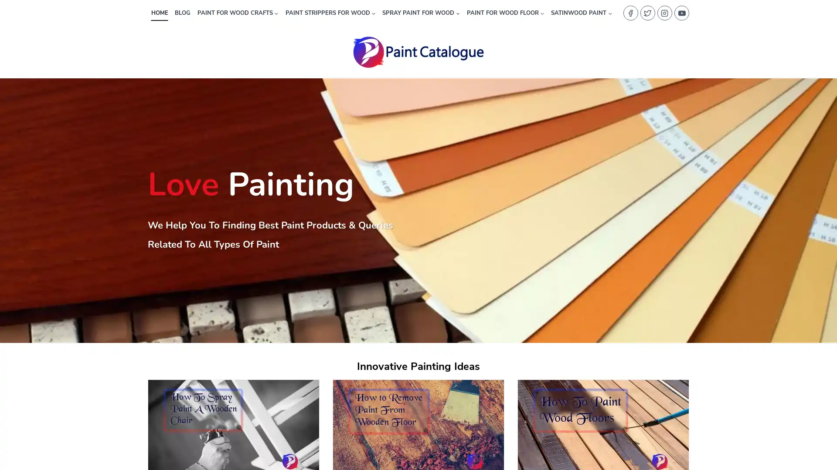 Image resolution: width=837 pixels, height=470 pixels. What do you see at coordinates (238, 13) in the screenshot?
I see `Expand child menu` at bounding box center [238, 13].